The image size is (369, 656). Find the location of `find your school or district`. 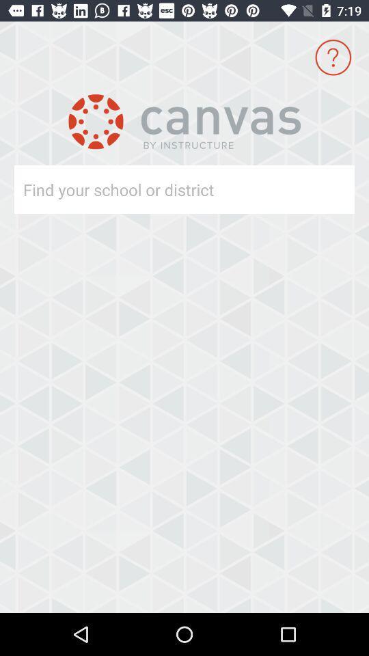

find your school or district is located at coordinates (159, 189).